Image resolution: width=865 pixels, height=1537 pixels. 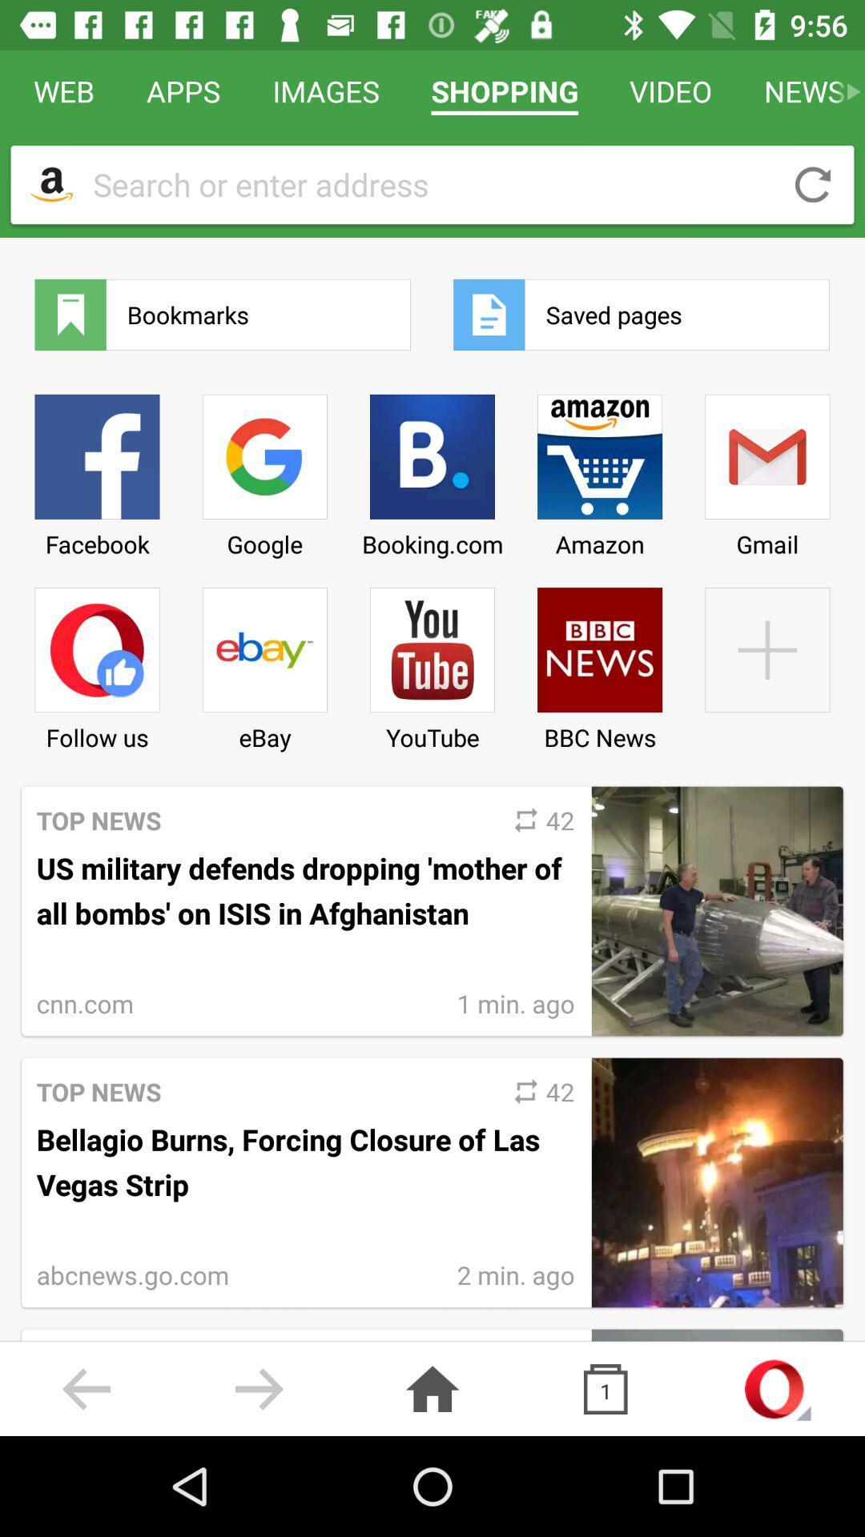 I want to click on app above us military defends, so click(x=264, y=663).